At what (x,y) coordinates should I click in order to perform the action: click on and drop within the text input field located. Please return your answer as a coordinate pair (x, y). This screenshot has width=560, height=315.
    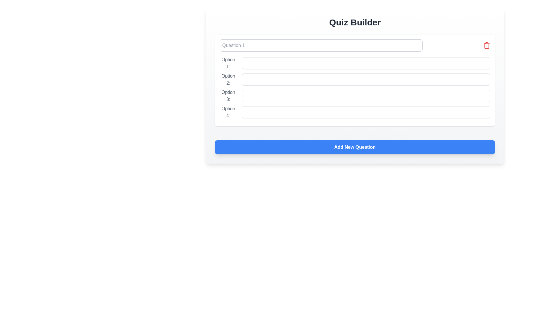
    Looking at the image, I should click on (365, 112).